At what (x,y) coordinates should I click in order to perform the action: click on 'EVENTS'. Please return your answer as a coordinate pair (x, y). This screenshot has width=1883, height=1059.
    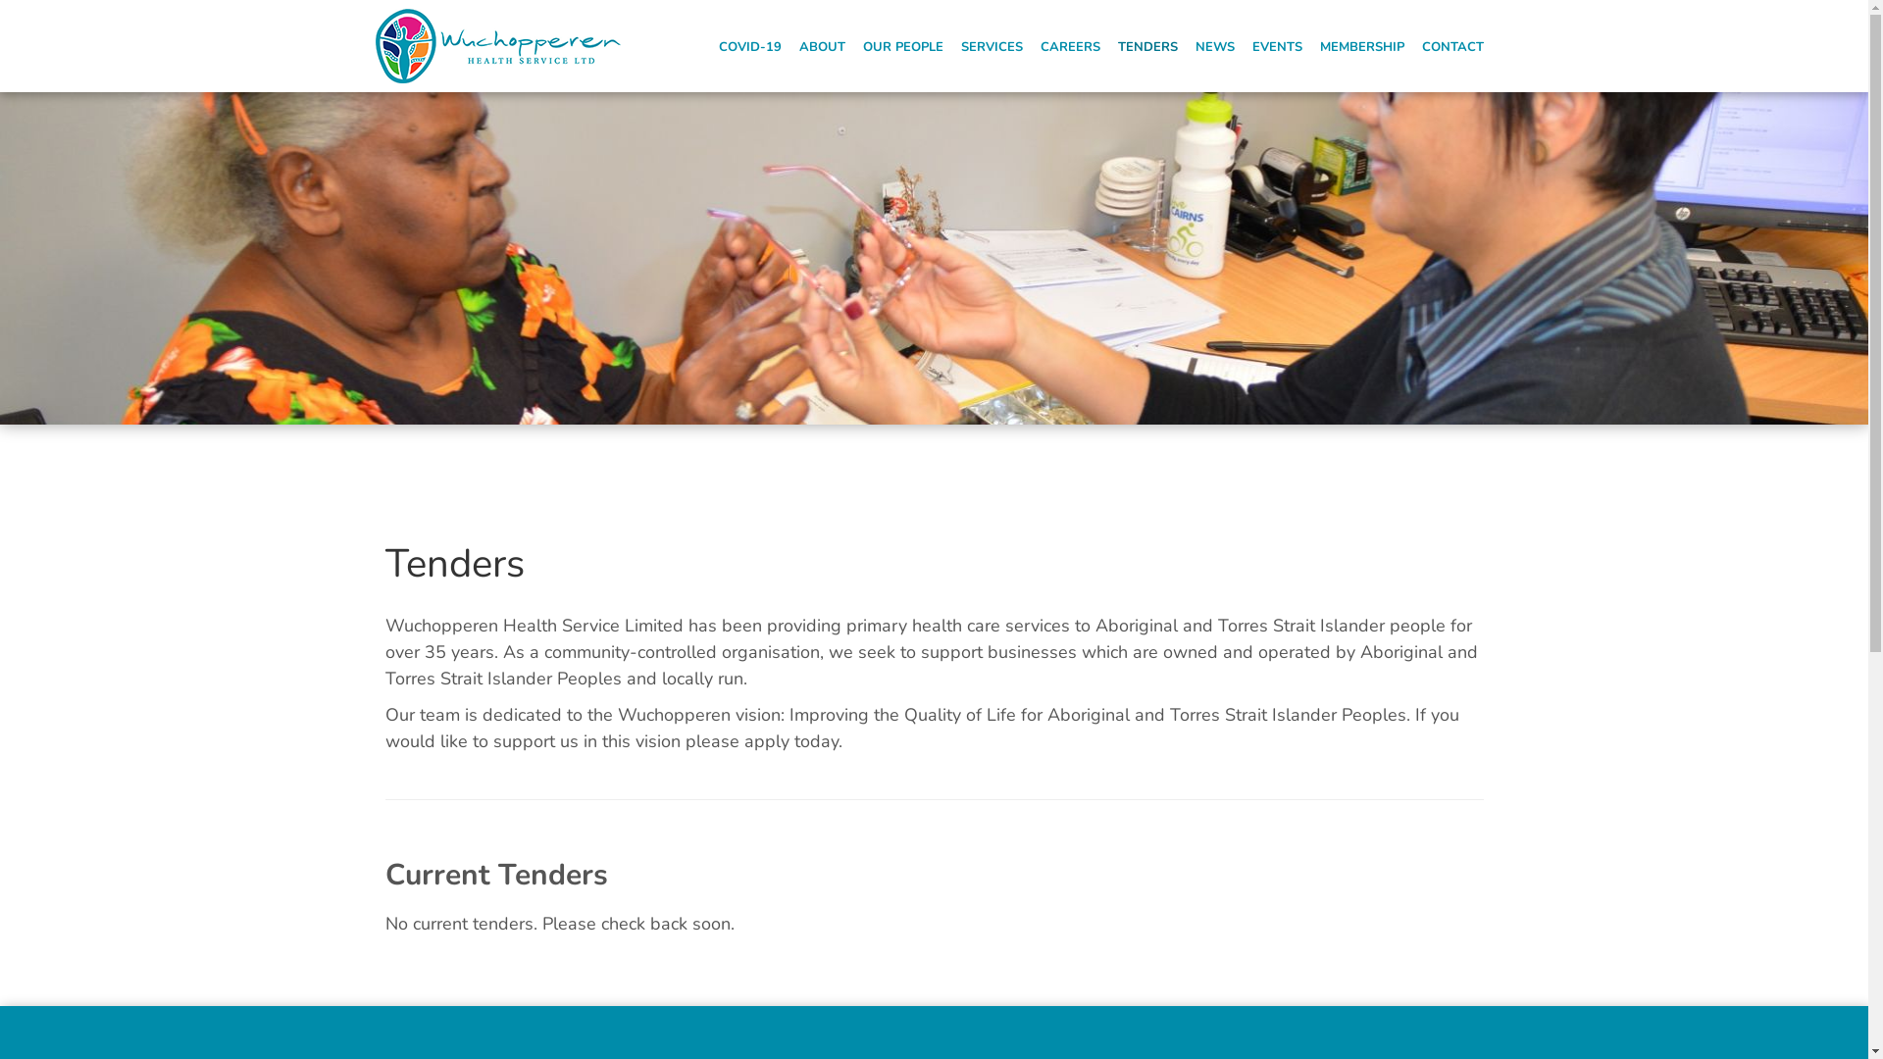
    Looking at the image, I should click on (1277, 45).